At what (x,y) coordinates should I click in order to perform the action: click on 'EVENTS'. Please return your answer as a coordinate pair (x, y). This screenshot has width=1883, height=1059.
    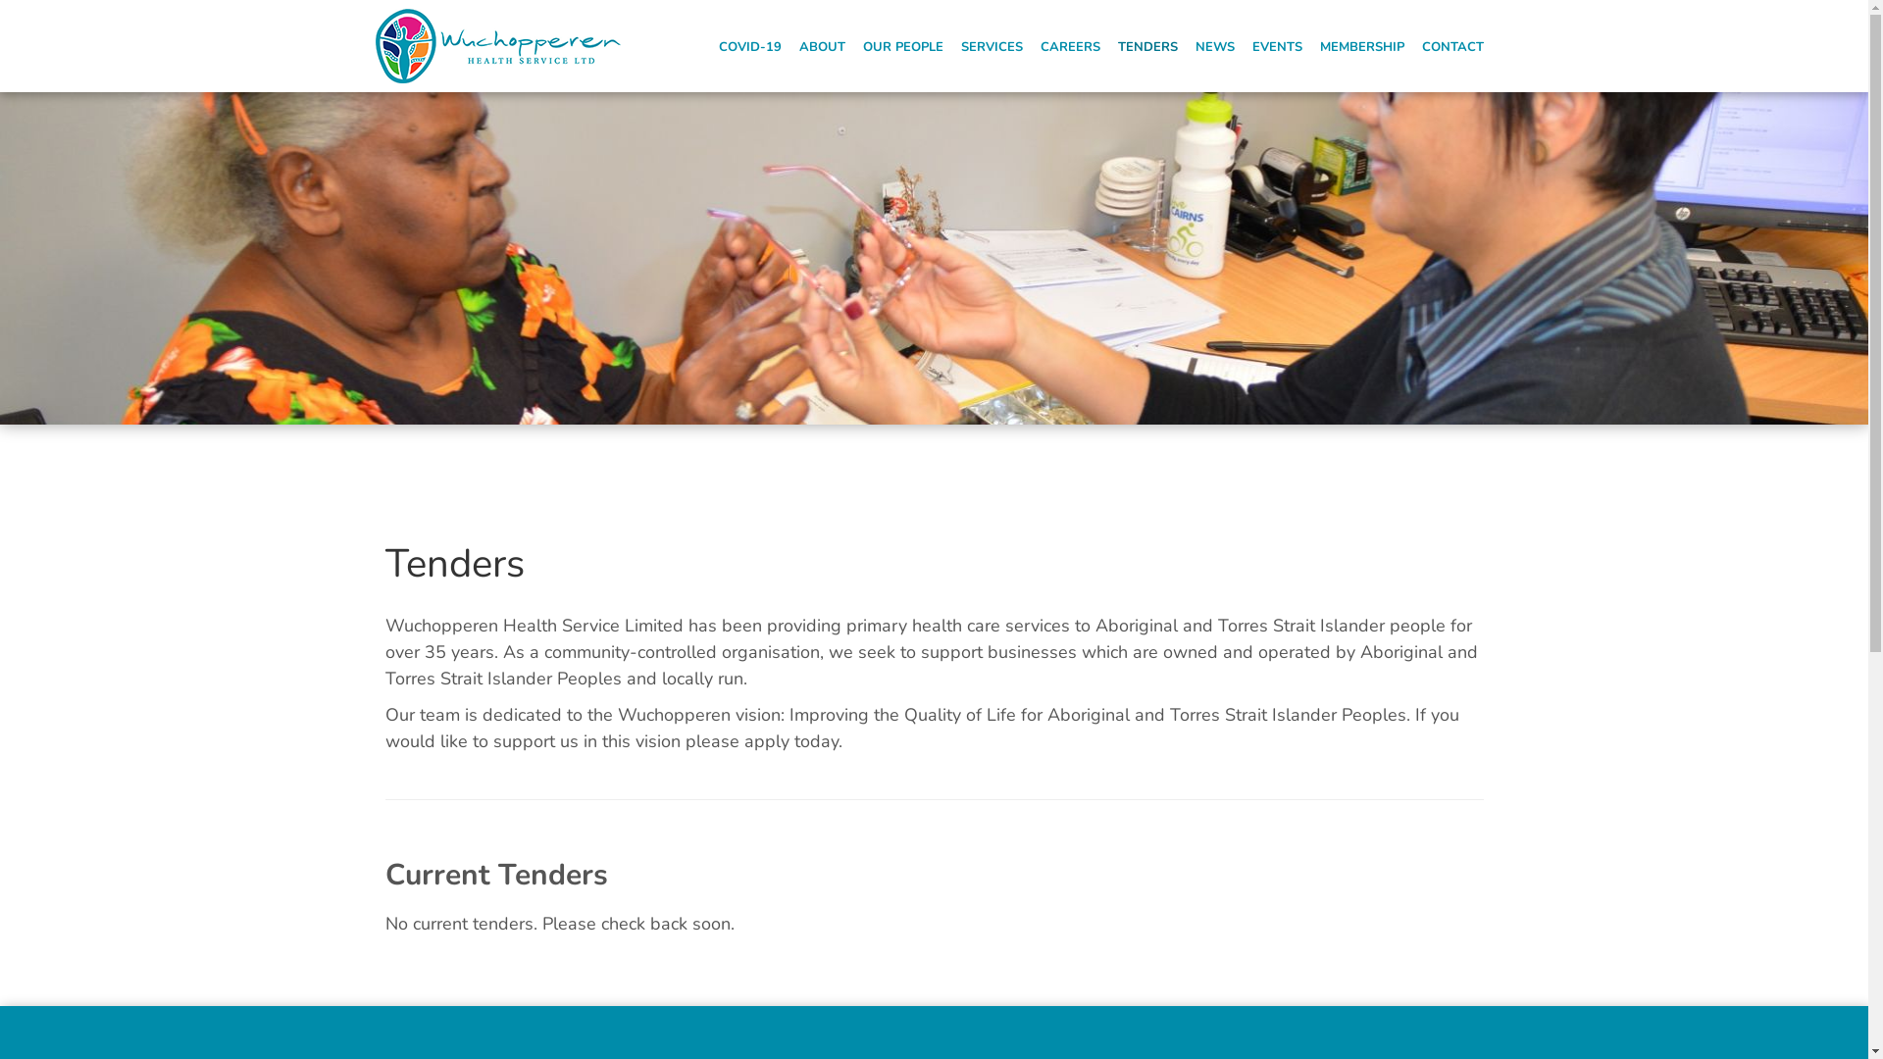
    Looking at the image, I should click on (1277, 45).